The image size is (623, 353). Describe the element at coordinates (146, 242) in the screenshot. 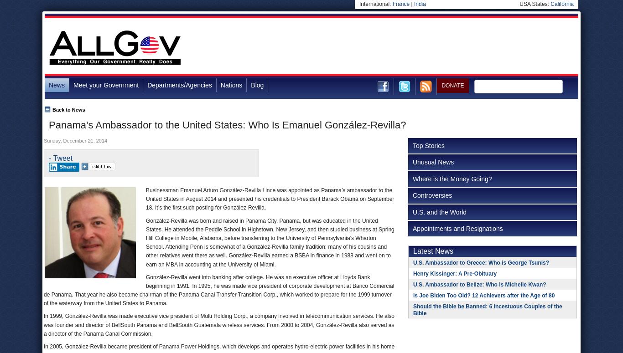

I see `'González-Revilla was born and raised in Panama City, Panama, but was educated in the United States. He attended the Peddie School in Highstown, New Jersey, and then studied business at Spring Hill College in Mobile, Alabama, before transferring to the University of Pennsylvania’s Wharton School. Attending Penn is somewhat of a González-Revilla family tradition; many of his cousins and other relatives went there as well. González-Revilla earned a BSBA in finance in 1988 and went on to earn an MBA in accounting at the University of Miami.'` at that location.